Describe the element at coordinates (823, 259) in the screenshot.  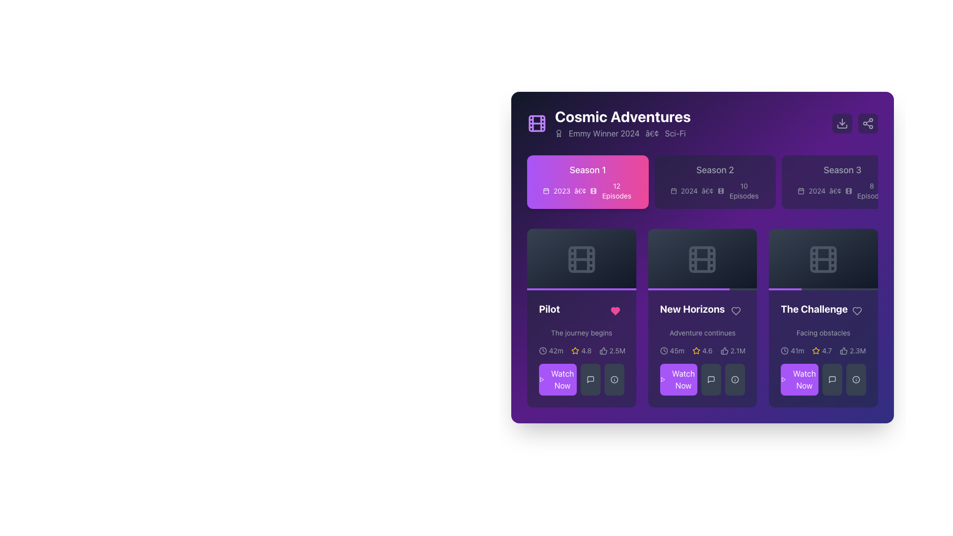
I see `the small rectangle with rounded corners that resembles a filmstrip frame, located centrally within the film reel icon in the top-right corner of 'The Challenge' episode card` at that location.